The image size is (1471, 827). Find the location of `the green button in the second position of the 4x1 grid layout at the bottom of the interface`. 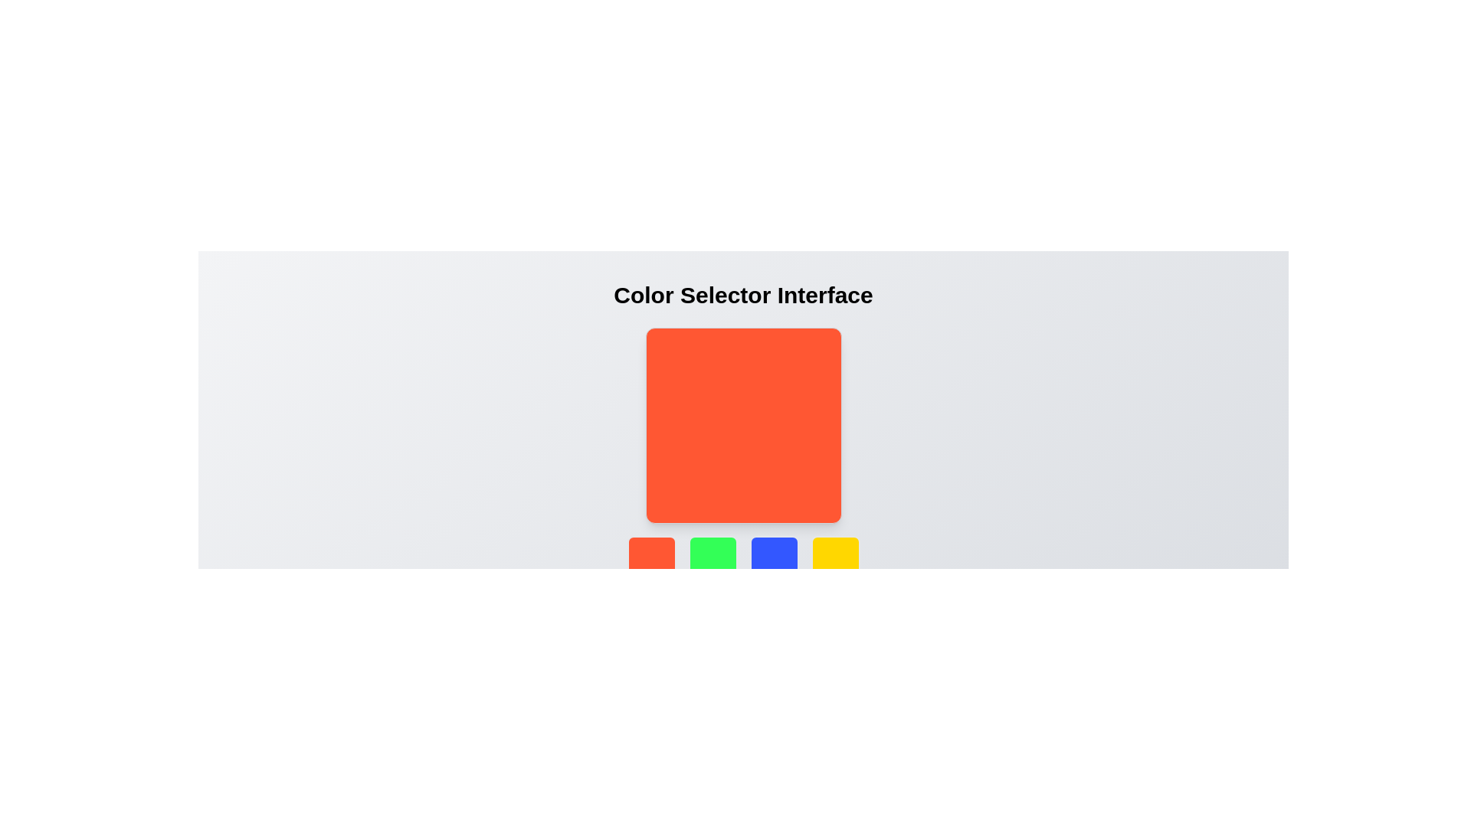

the green button in the second position of the 4x1 grid layout at the bottom of the interface is located at coordinates (712, 561).